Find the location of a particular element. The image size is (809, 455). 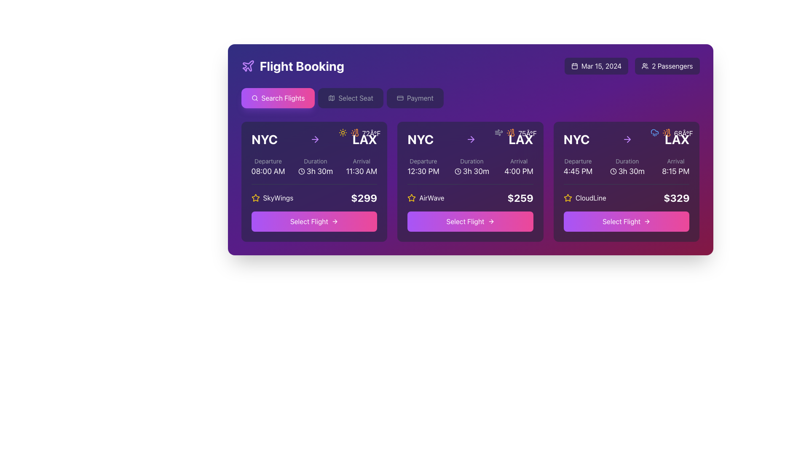

keyboard navigation is located at coordinates (335, 221).